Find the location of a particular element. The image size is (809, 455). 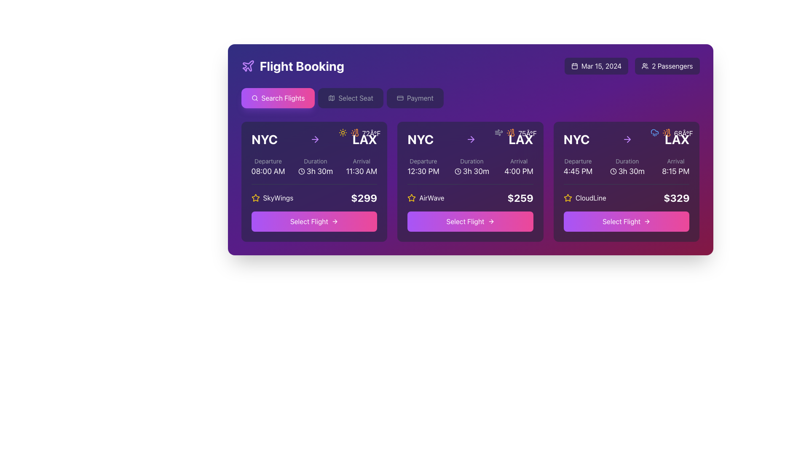

keyboard navigation is located at coordinates (335, 221).